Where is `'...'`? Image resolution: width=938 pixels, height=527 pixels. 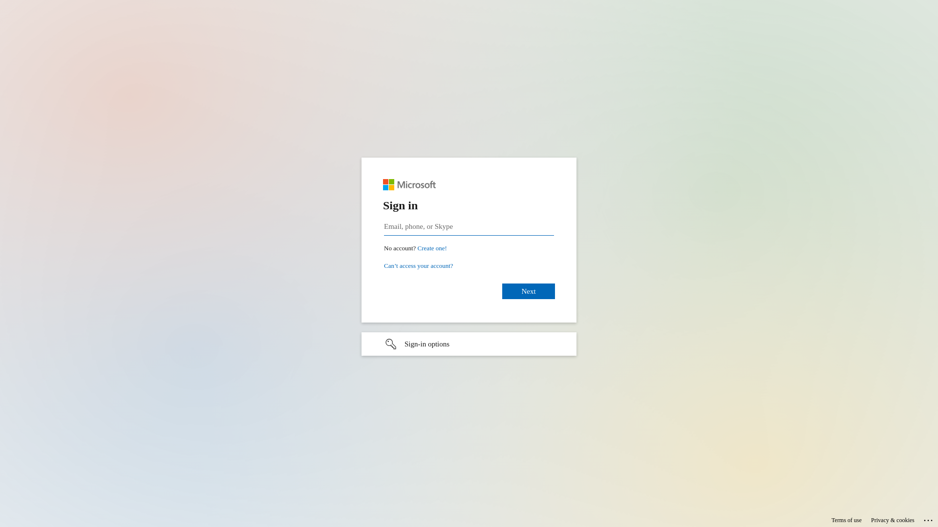
'...' is located at coordinates (928, 518).